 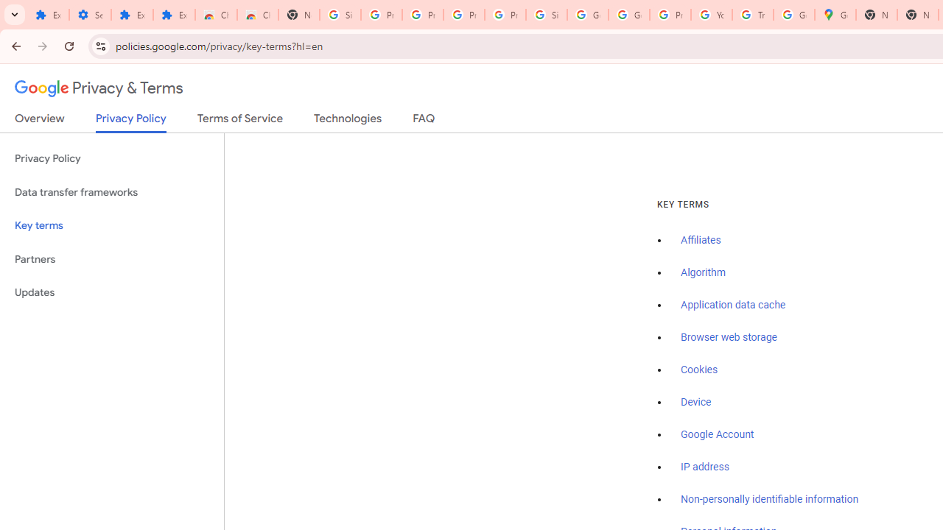 What do you see at coordinates (733, 305) in the screenshot?
I see `'Application data cache'` at bounding box center [733, 305].